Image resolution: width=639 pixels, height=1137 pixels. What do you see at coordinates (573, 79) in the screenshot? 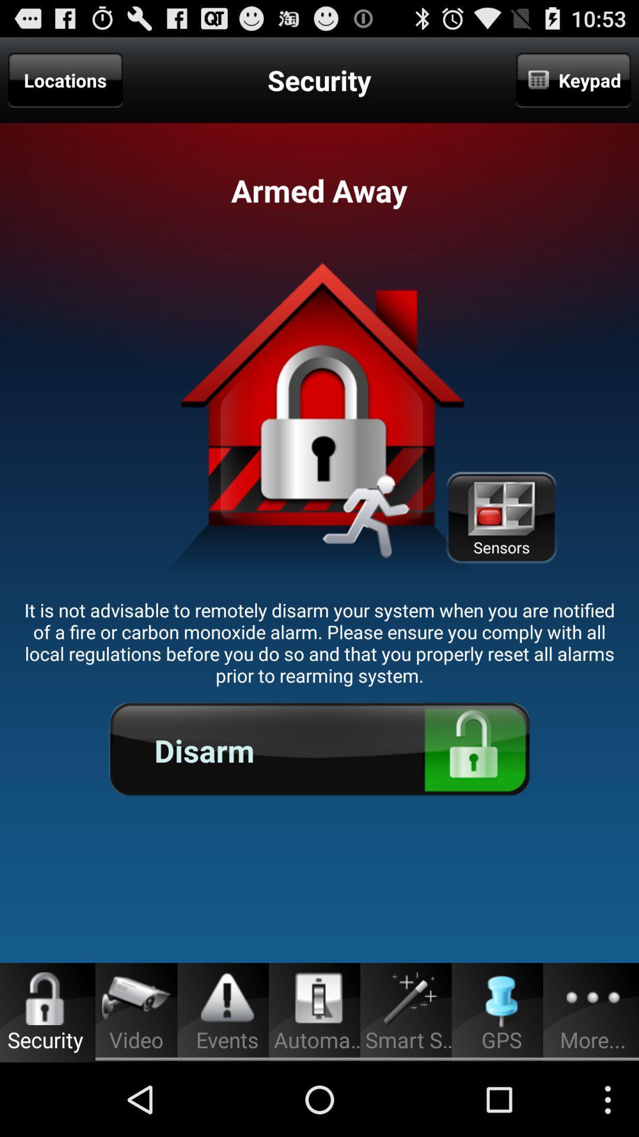
I see `the keypad at the top right corner` at bounding box center [573, 79].